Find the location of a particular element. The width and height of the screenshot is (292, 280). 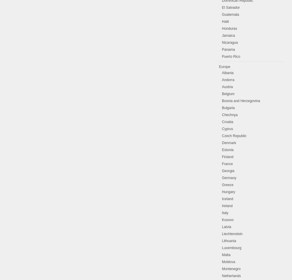

'Jamaica' is located at coordinates (222, 35).